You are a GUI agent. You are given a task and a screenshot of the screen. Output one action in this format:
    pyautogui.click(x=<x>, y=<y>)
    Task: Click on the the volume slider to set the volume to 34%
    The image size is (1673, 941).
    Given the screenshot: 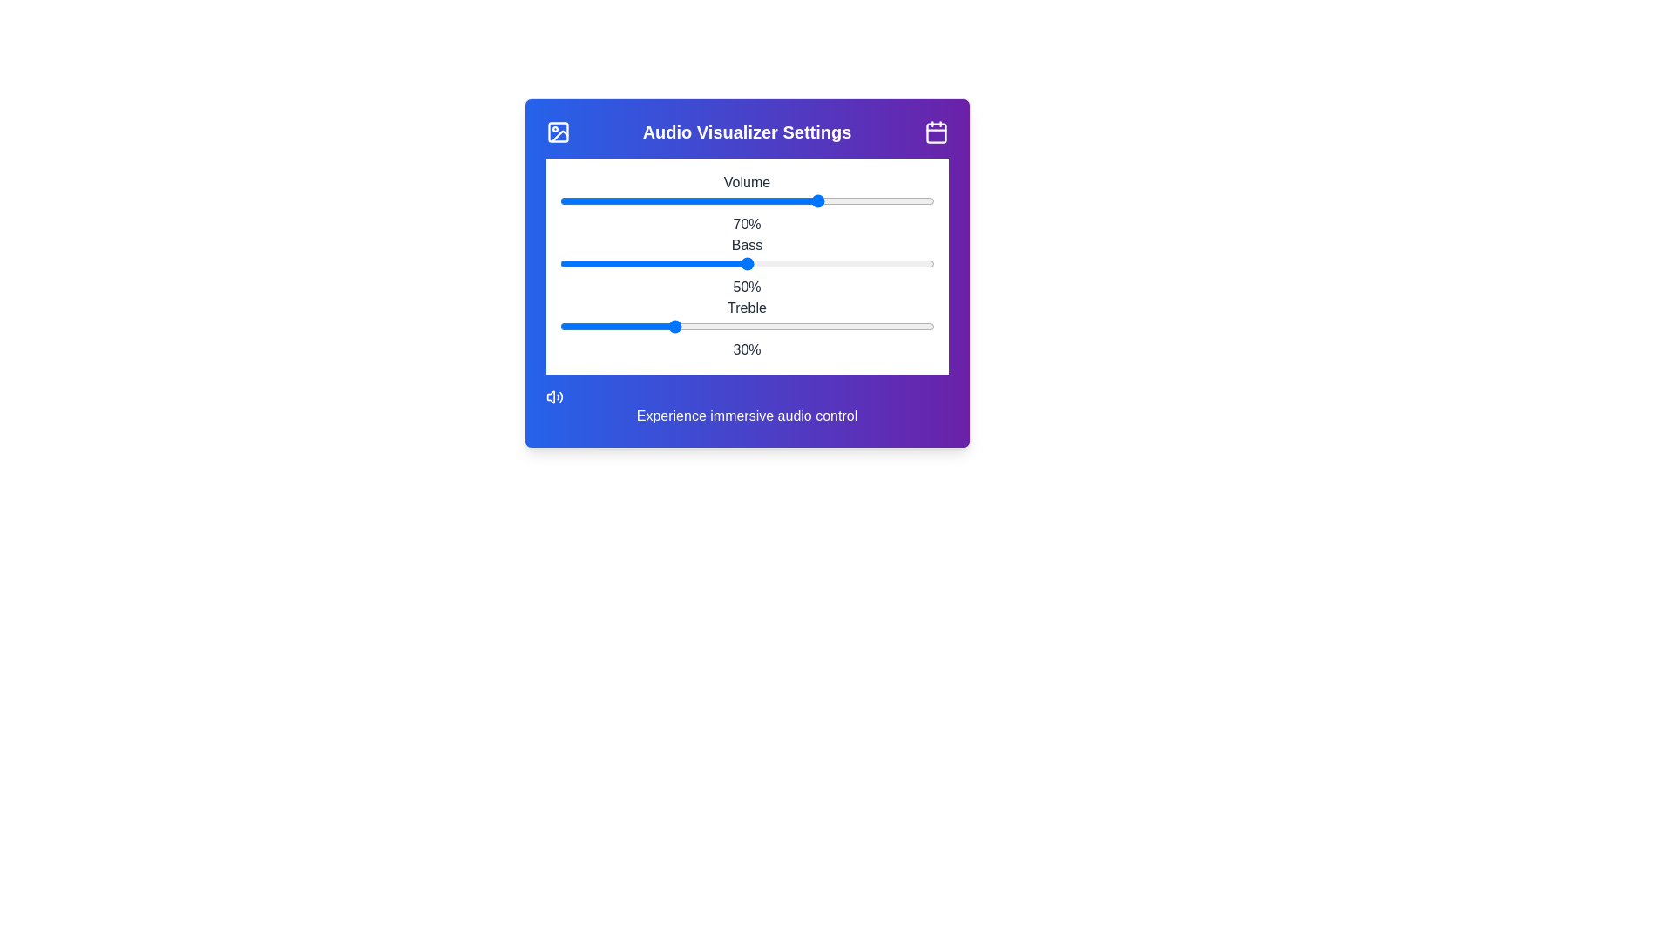 What is the action you would take?
    pyautogui.click(x=683, y=200)
    